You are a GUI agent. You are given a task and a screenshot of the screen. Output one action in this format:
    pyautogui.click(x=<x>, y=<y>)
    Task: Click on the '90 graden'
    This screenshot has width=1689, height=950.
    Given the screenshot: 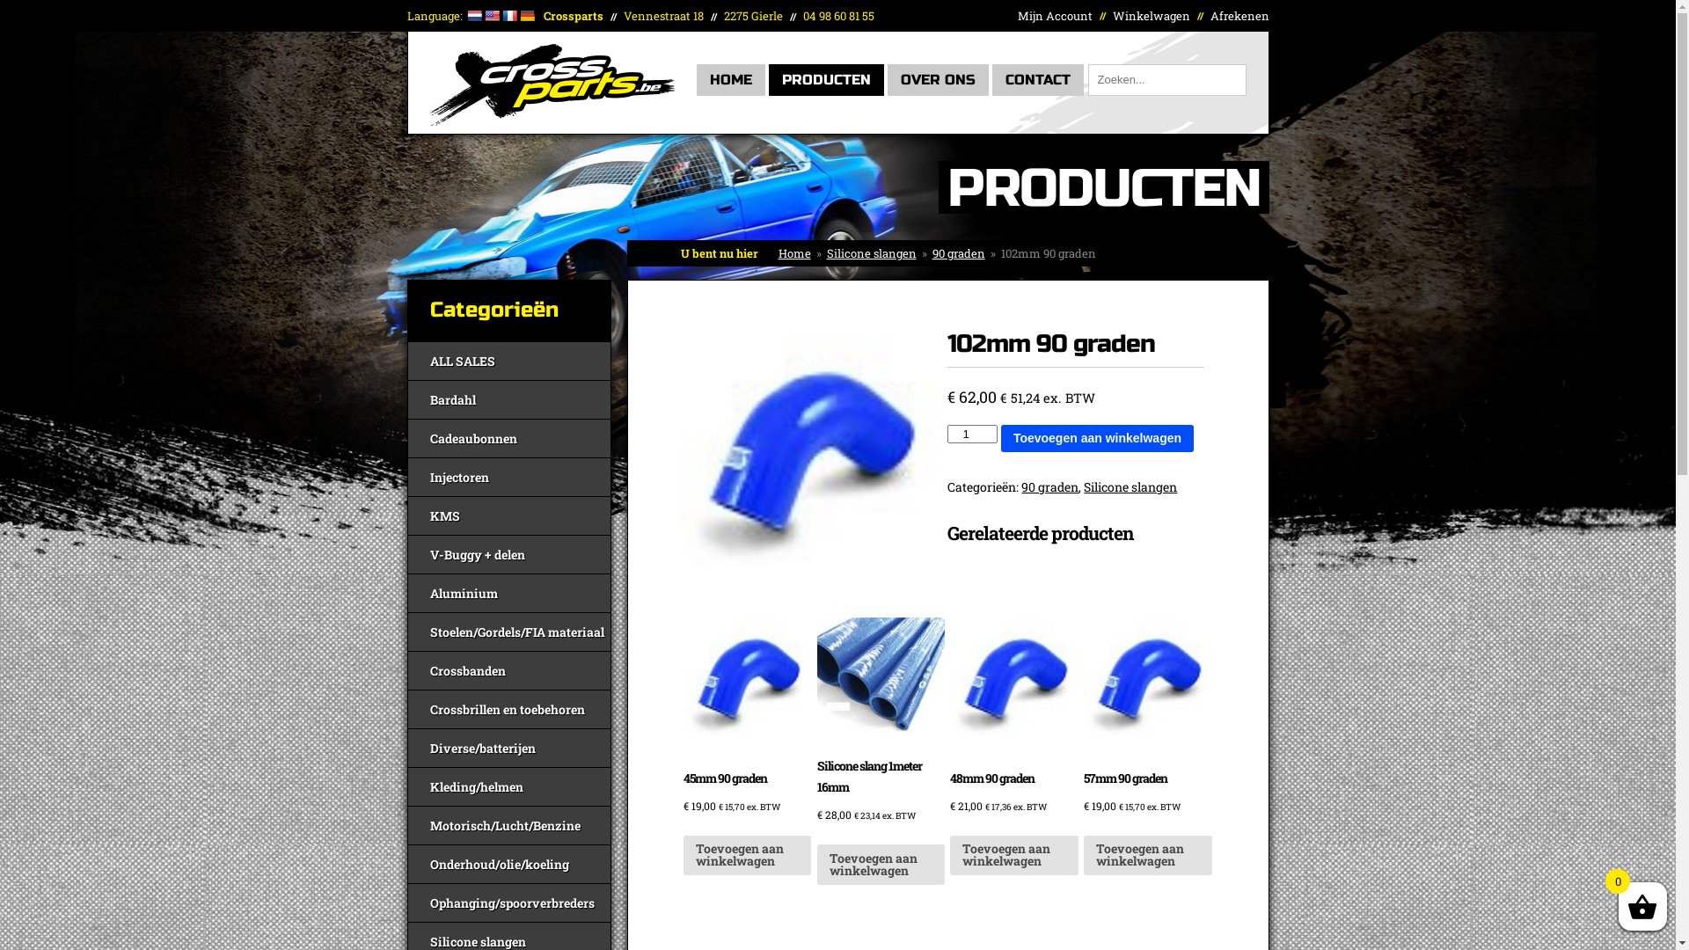 What is the action you would take?
    pyautogui.click(x=957, y=253)
    